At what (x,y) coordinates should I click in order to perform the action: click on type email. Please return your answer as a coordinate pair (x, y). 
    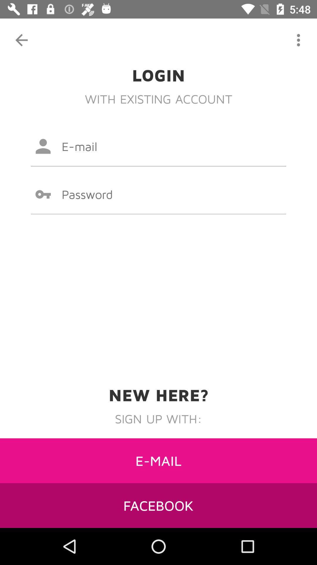
    Looking at the image, I should click on (158, 146).